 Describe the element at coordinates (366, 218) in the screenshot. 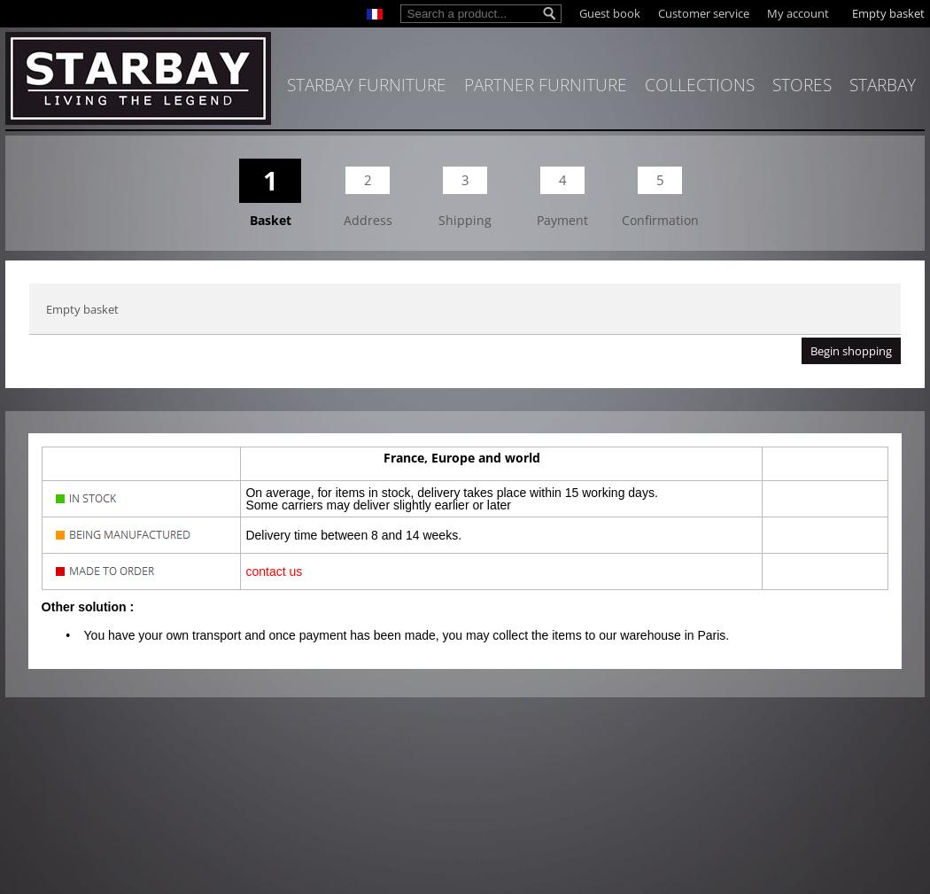

I see `'Address'` at that location.